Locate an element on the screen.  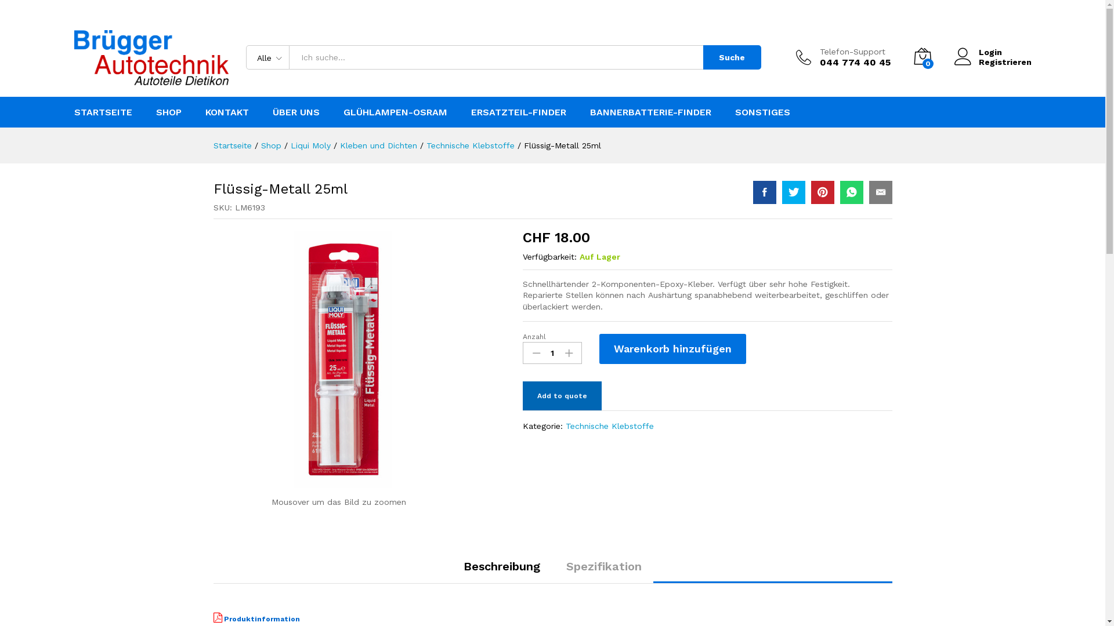
'Liqui Moly' is located at coordinates (310, 144).